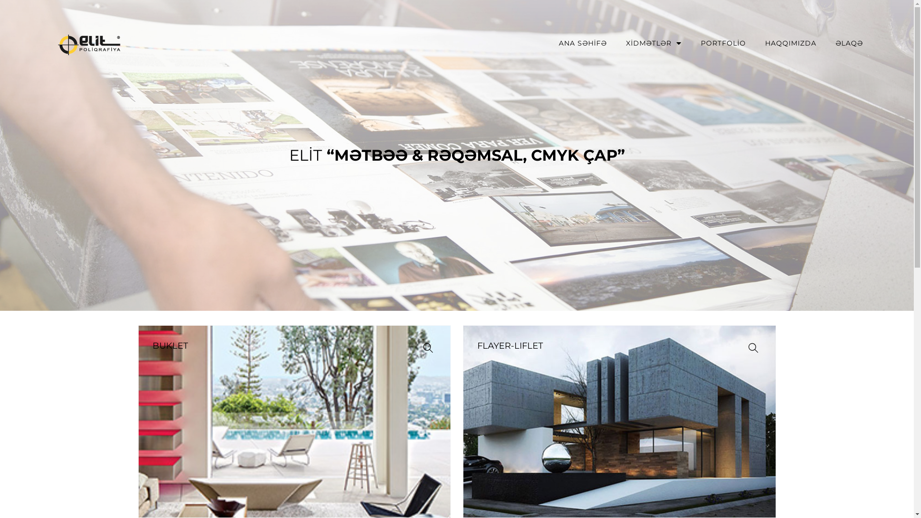 Image resolution: width=921 pixels, height=518 pixels. What do you see at coordinates (791, 42) in the screenshot?
I see `'HAQQIMIZDA'` at bounding box center [791, 42].